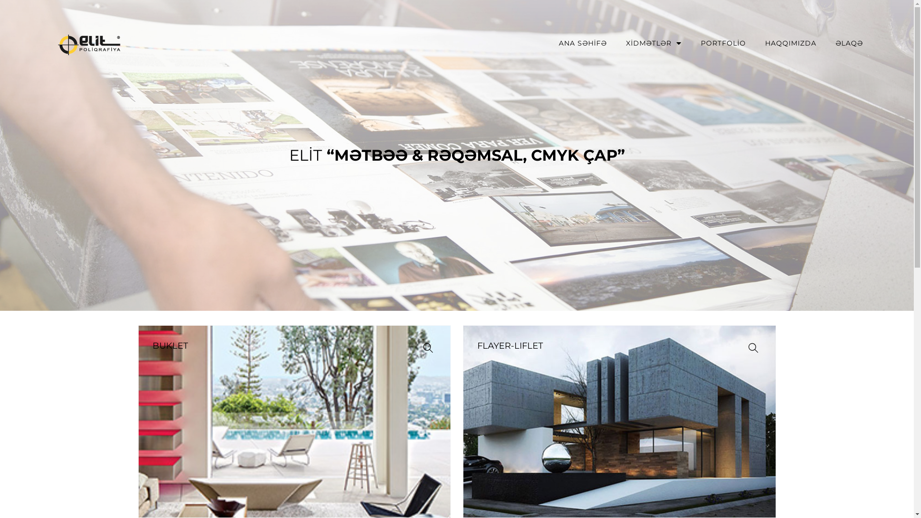 Image resolution: width=921 pixels, height=518 pixels. What do you see at coordinates (791, 42) in the screenshot?
I see `'HAQQIMIZDA'` at bounding box center [791, 42].